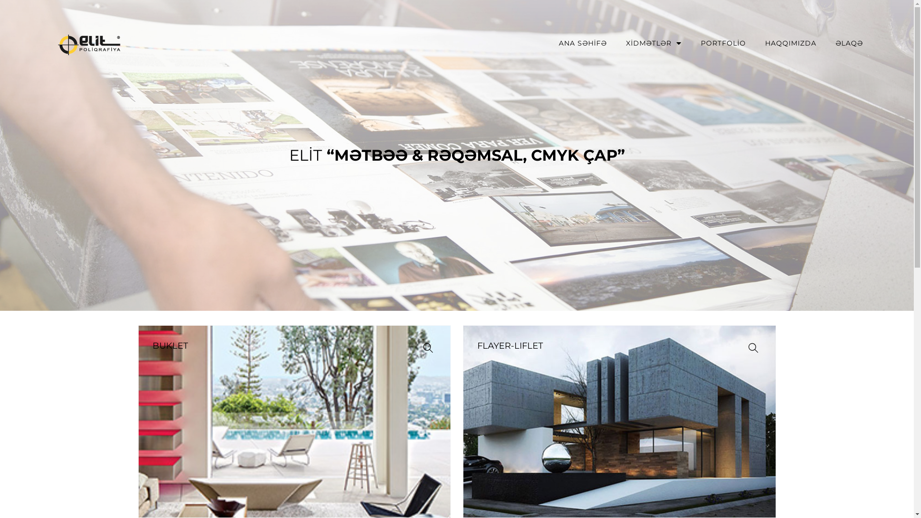 Image resolution: width=921 pixels, height=518 pixels. What do you see at coordinates (791, 42) in the screenshot?
I see `'HAQQIMIZDA'` at bounding box center [791, 42].